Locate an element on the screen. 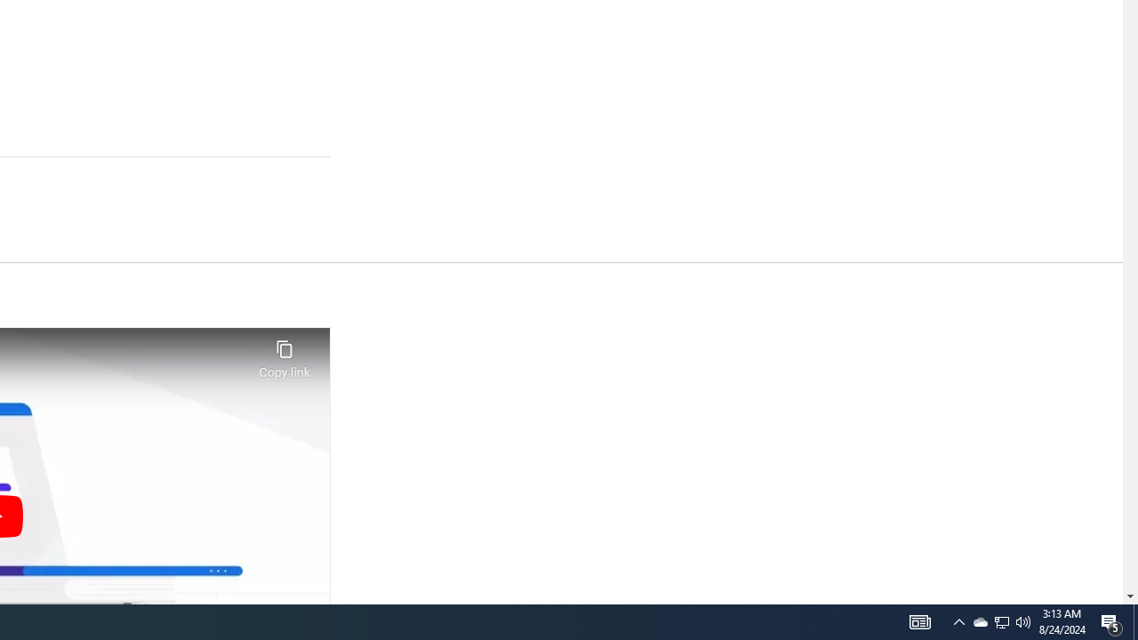 This screenshot has width=1138, height=640. 'Copy link' is located at coordinates (284, 354).